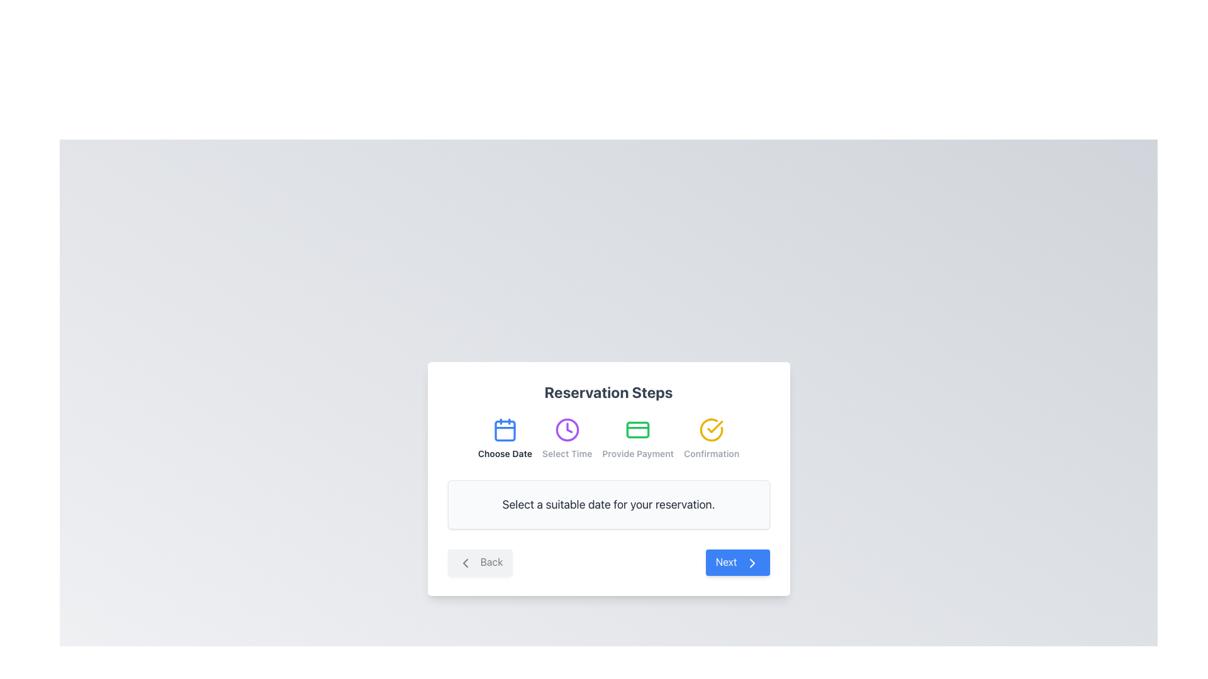  What do you see at coordinates (752, 562) in the screenshot?
I see `the 'Next' button icon, which is visually indicated by its blue rectangle and is located towards the bottom-right of the interface` at bounding box center [752, 562].